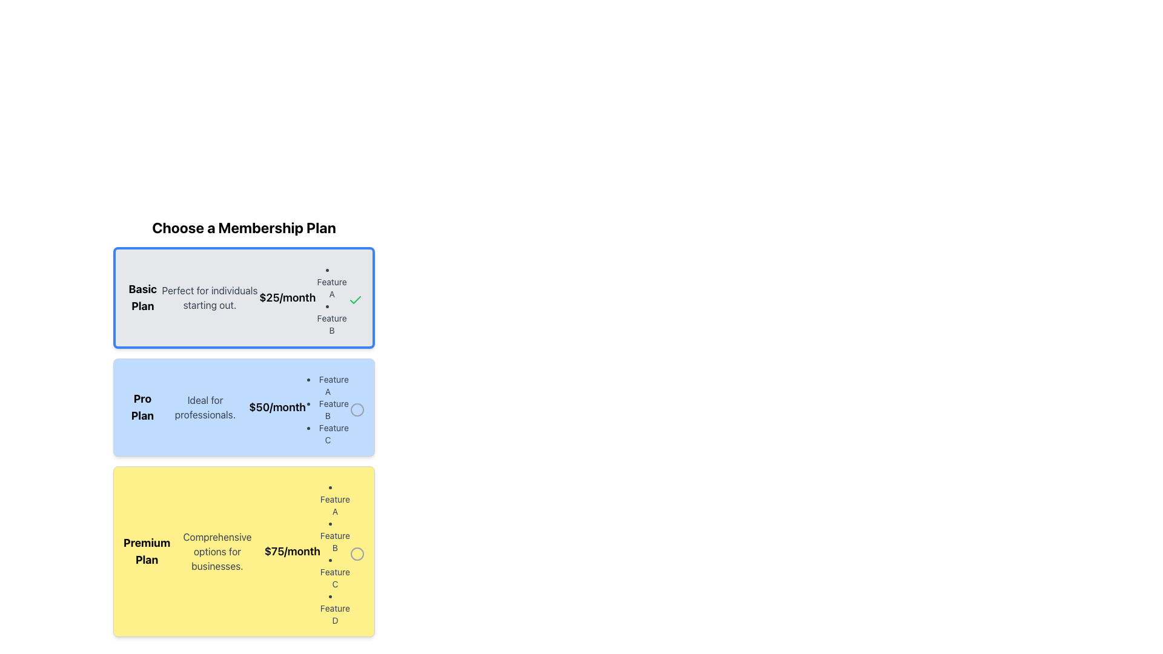 This screenshot has height=654, width=1163. Describe the element at coordinates (287, 298) in the screenshot. I see `text label displaying '$25/month' in bold, large font, which indicates a highlighted price point for the 'Basic Plan' offering` at that location.